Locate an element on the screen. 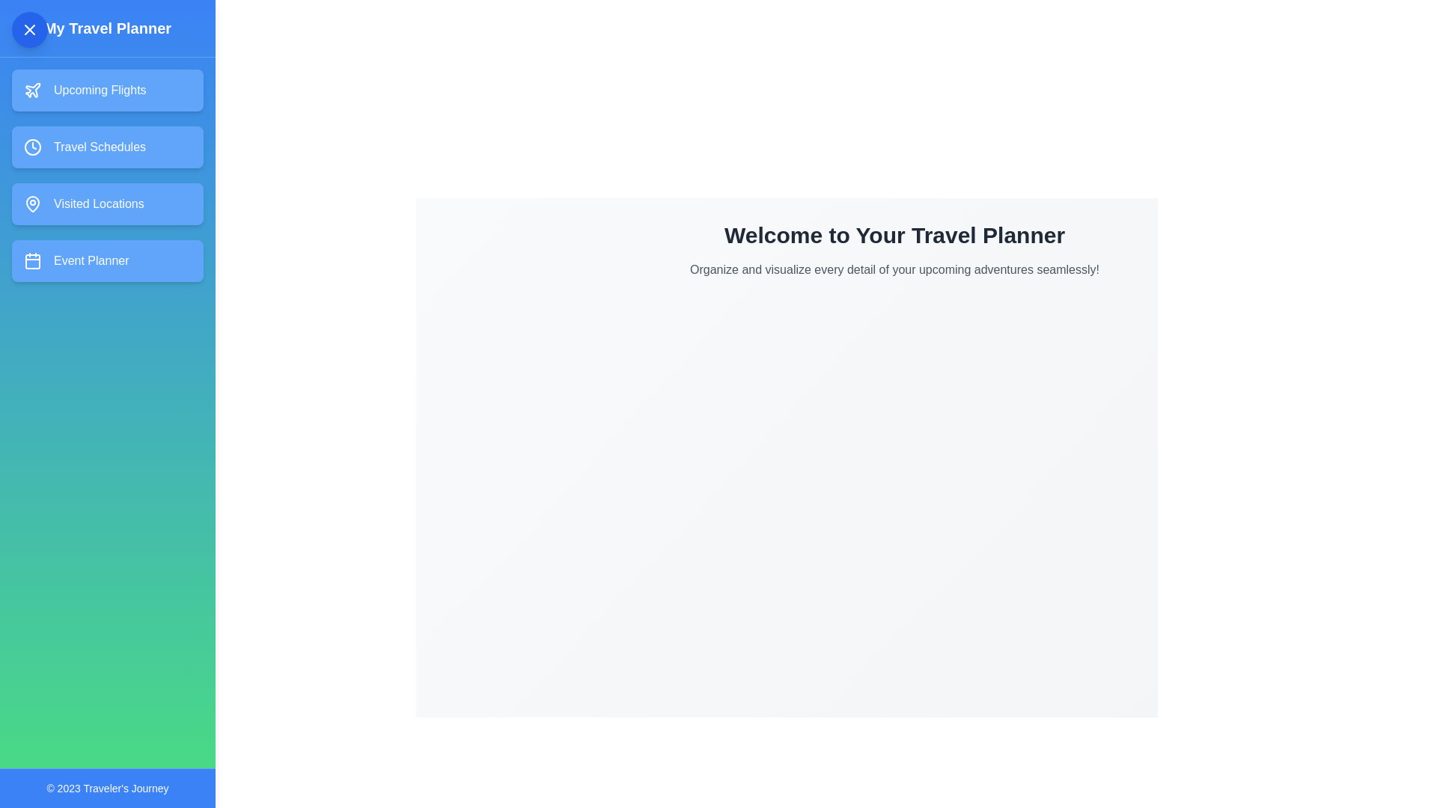 The image size is (1437, 808). the close icon located in the top-left corner of the user interface is located at coordinates (29, 29).